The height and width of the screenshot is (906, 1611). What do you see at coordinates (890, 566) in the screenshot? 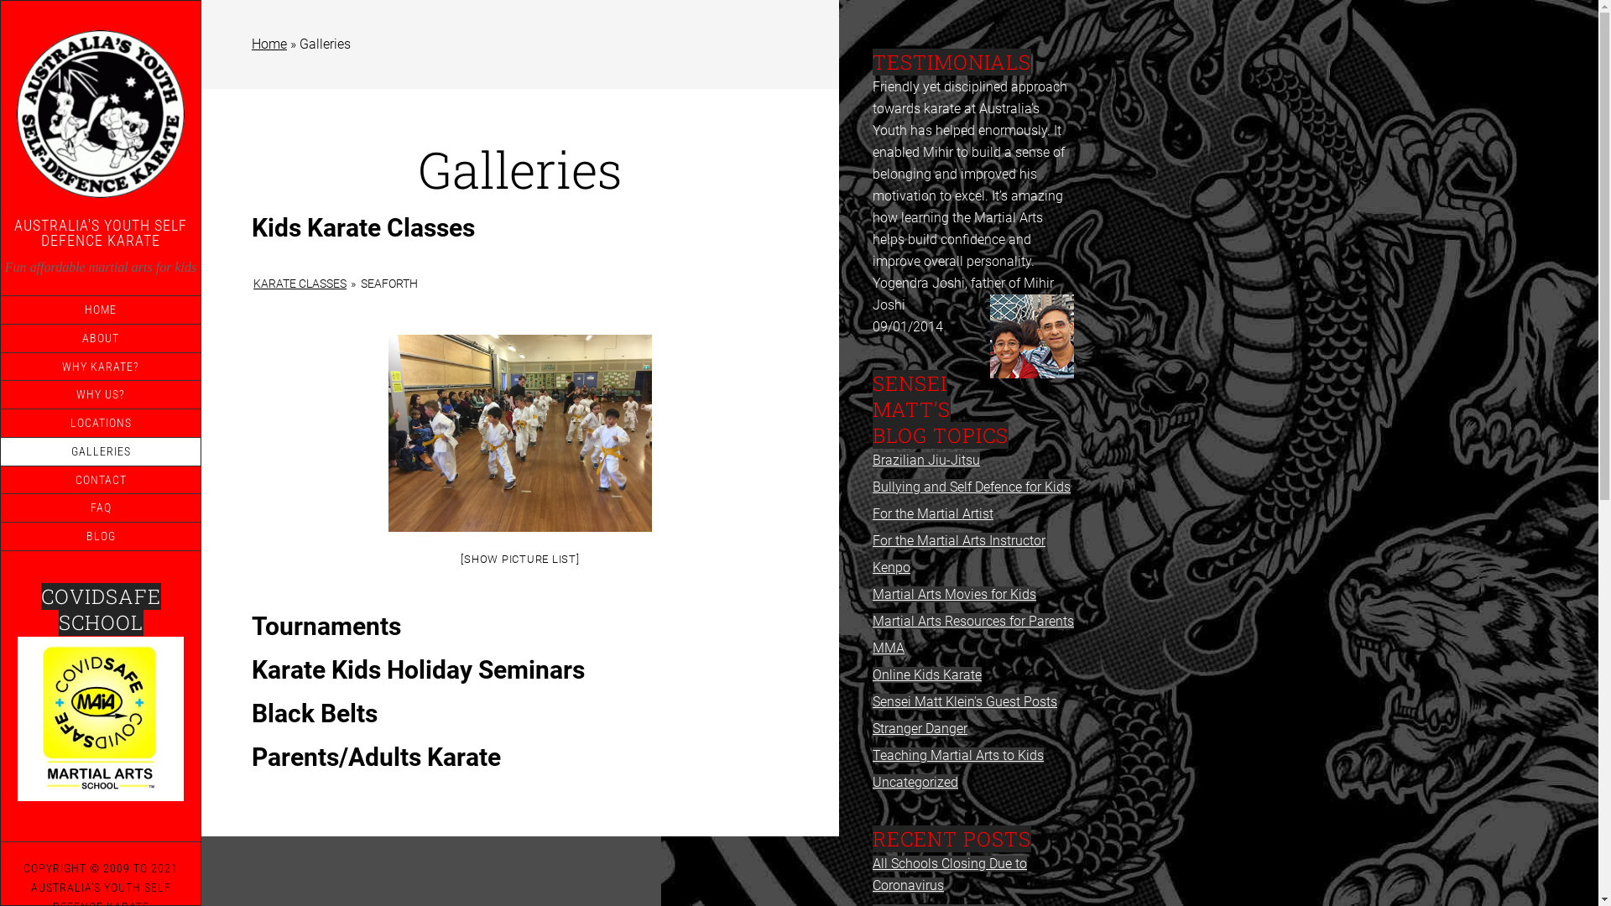
I see `'Kenpo'` at bounding box center [890, 566].